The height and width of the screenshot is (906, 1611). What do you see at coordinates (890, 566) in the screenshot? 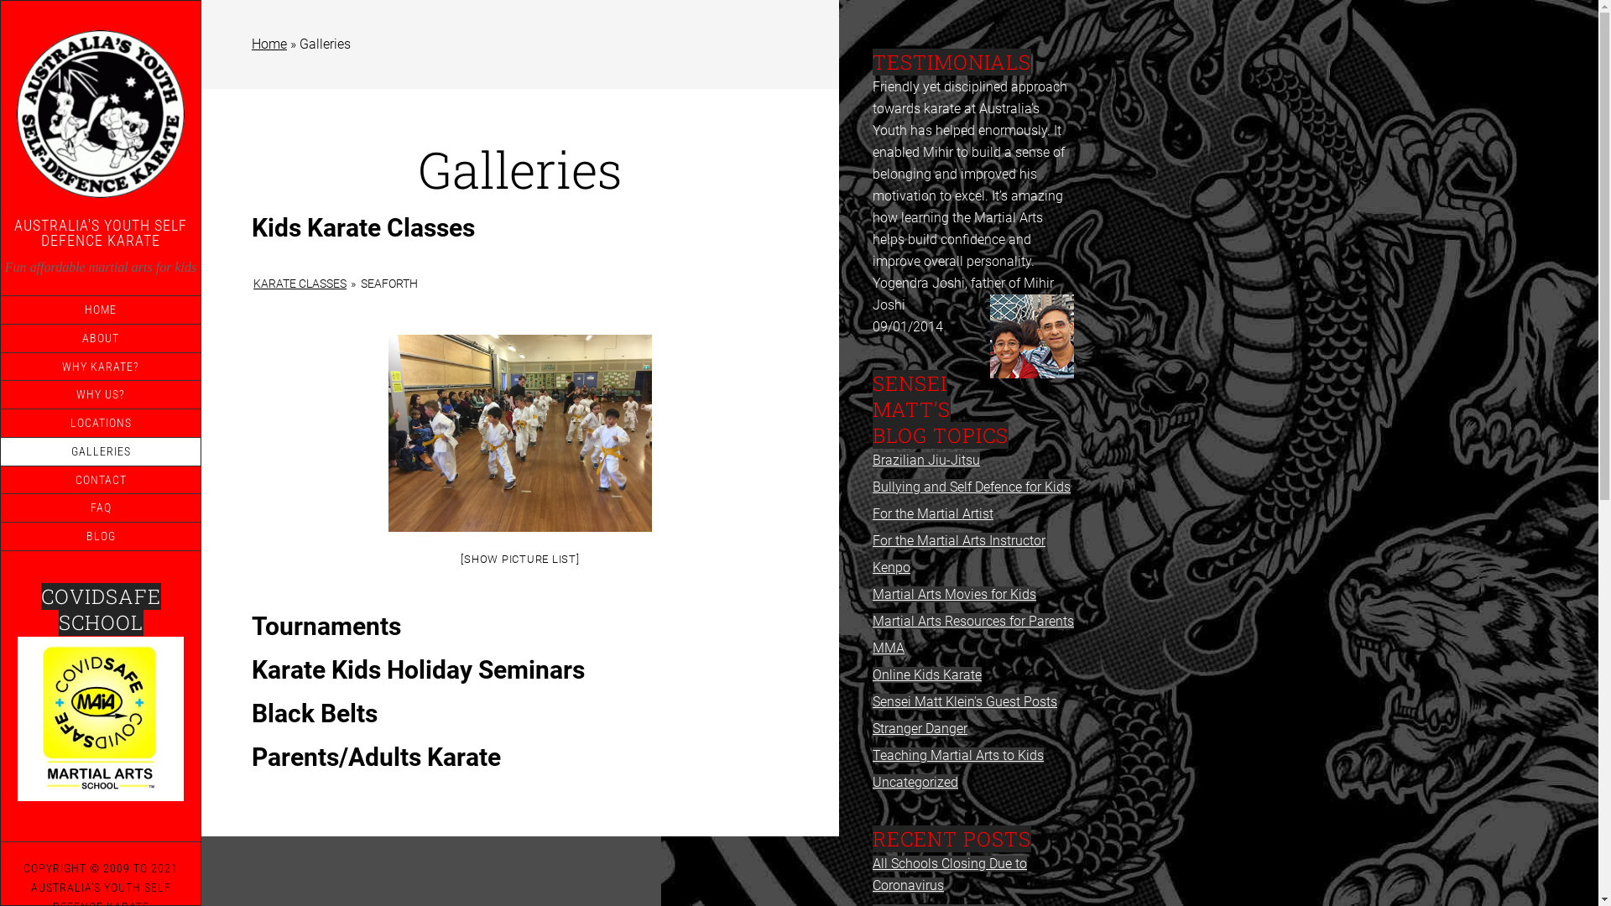
I see `'Kenpo'` at bounding box center [890, 566].